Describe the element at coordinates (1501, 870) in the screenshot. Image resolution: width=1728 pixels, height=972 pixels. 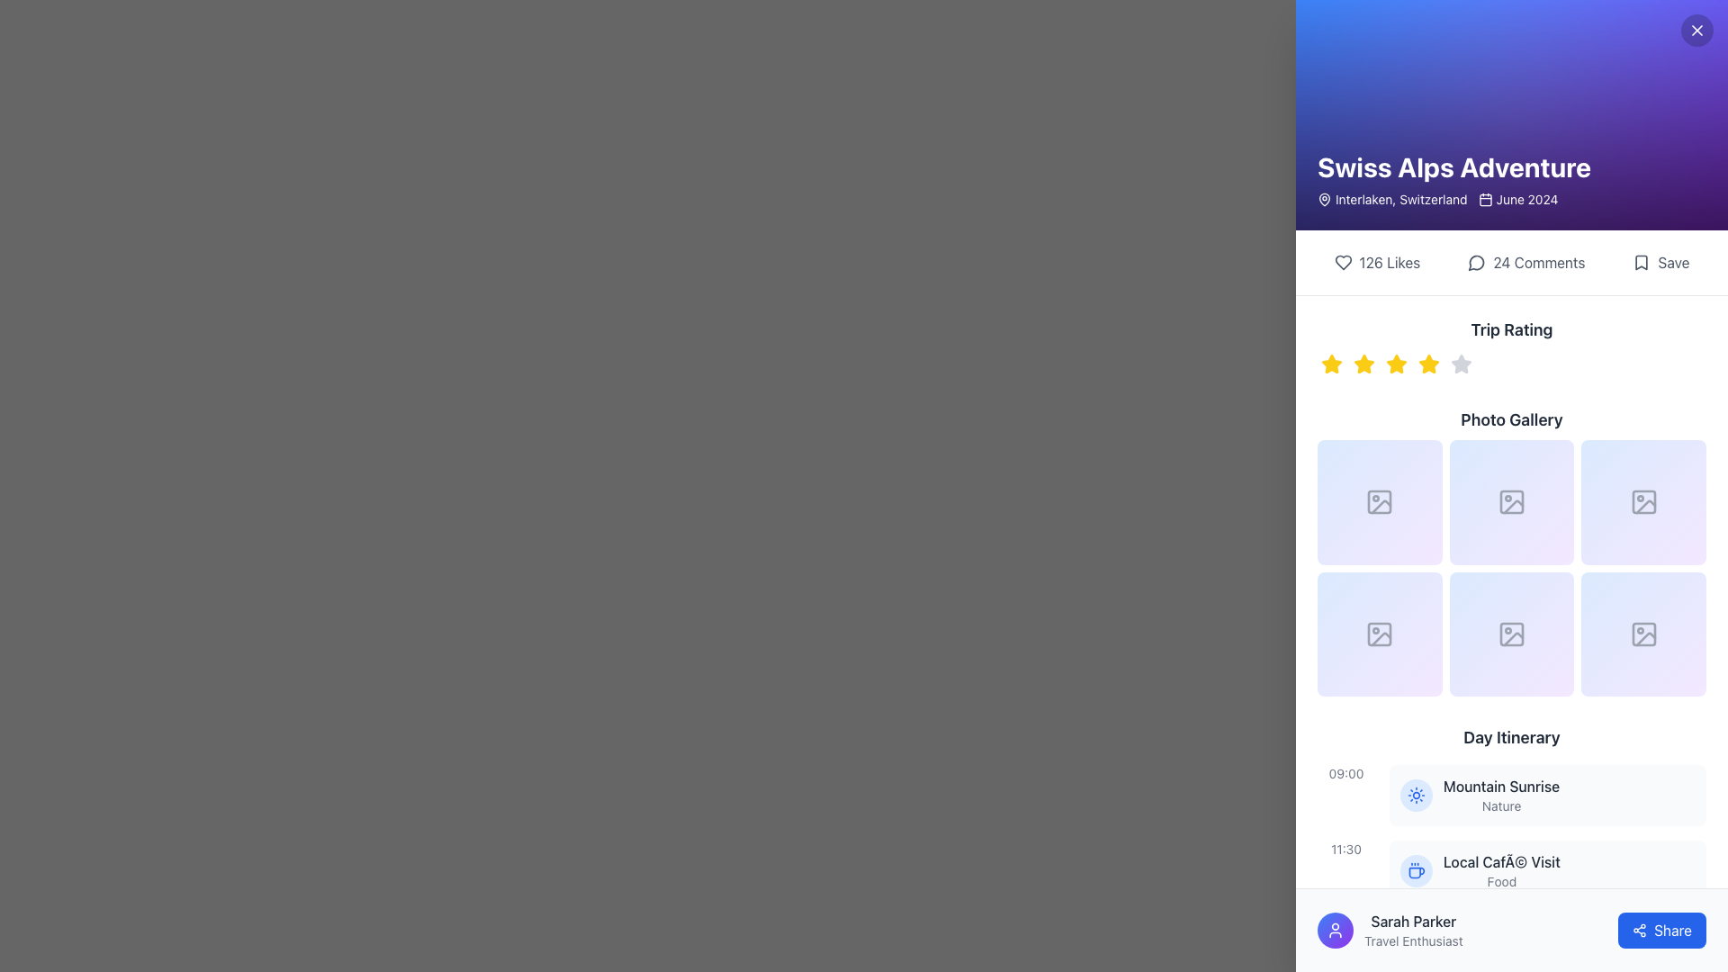
I see `the Text Display element that shows 'Local Café Visit' in a dark gray font with a second line 'Food' below it, located in the Day Itinerary section` at that location.